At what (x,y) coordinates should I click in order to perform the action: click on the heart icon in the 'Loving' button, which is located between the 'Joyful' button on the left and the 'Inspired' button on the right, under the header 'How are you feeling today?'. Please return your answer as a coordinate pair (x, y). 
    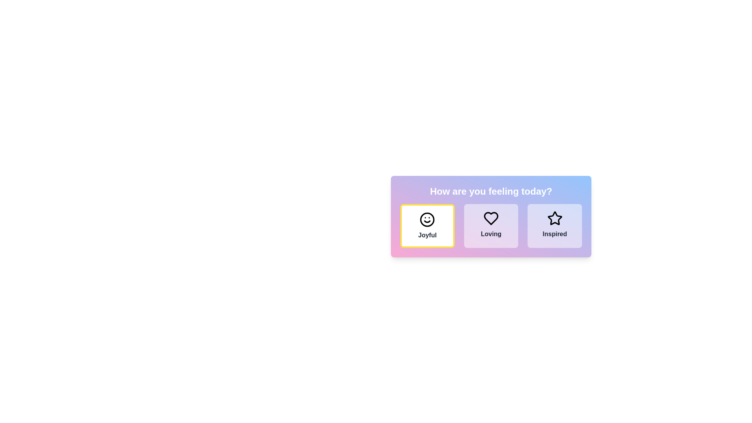
    Looking at the image, I should click on (490, 219).